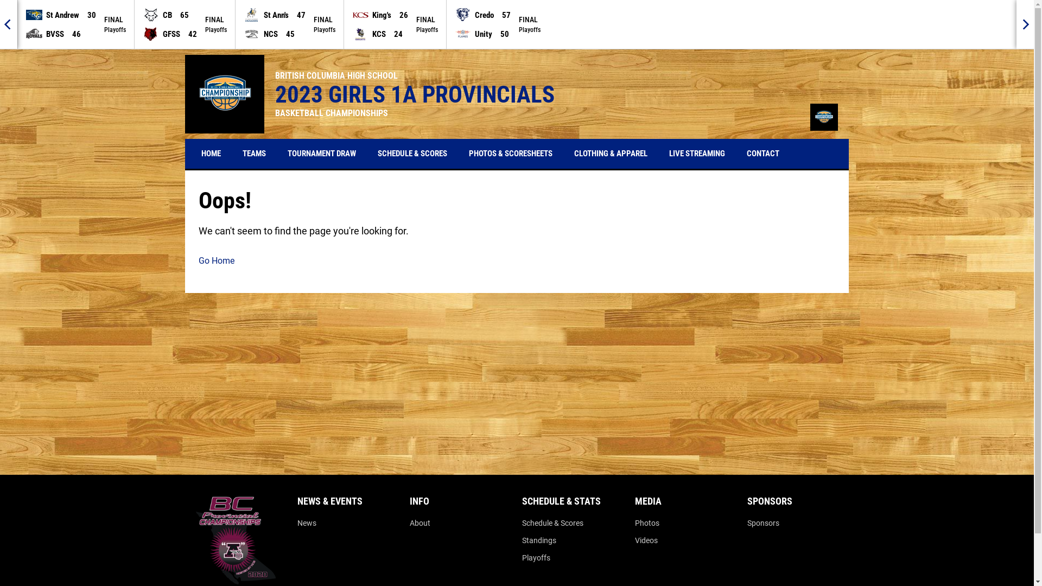 The width and height of the screenshot is (1042, 586). Describe the element at coordinates (419, 523) in the screenshot. I see `'About'` at that location.